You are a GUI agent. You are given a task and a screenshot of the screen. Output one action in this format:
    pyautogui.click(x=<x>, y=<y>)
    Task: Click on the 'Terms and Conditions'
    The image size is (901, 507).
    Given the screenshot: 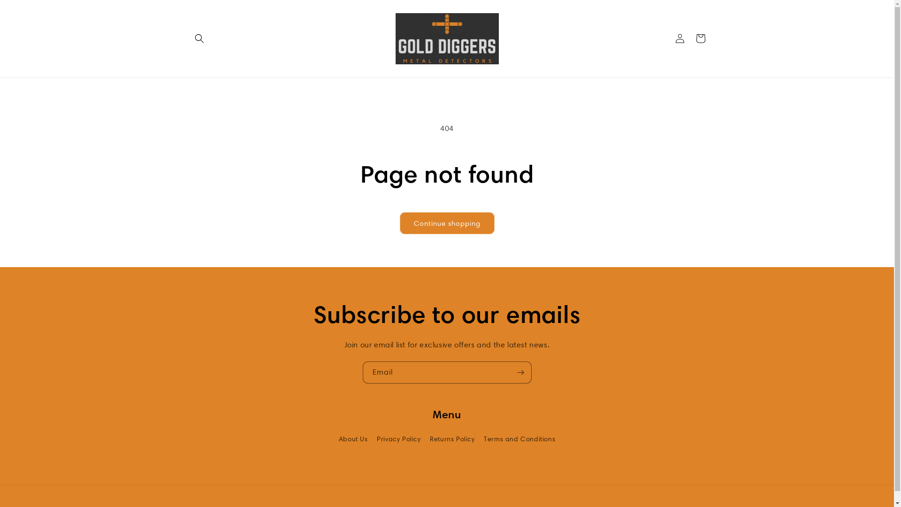 What is the action you would take?
    pyautogui.click(x=519, y=439)
    